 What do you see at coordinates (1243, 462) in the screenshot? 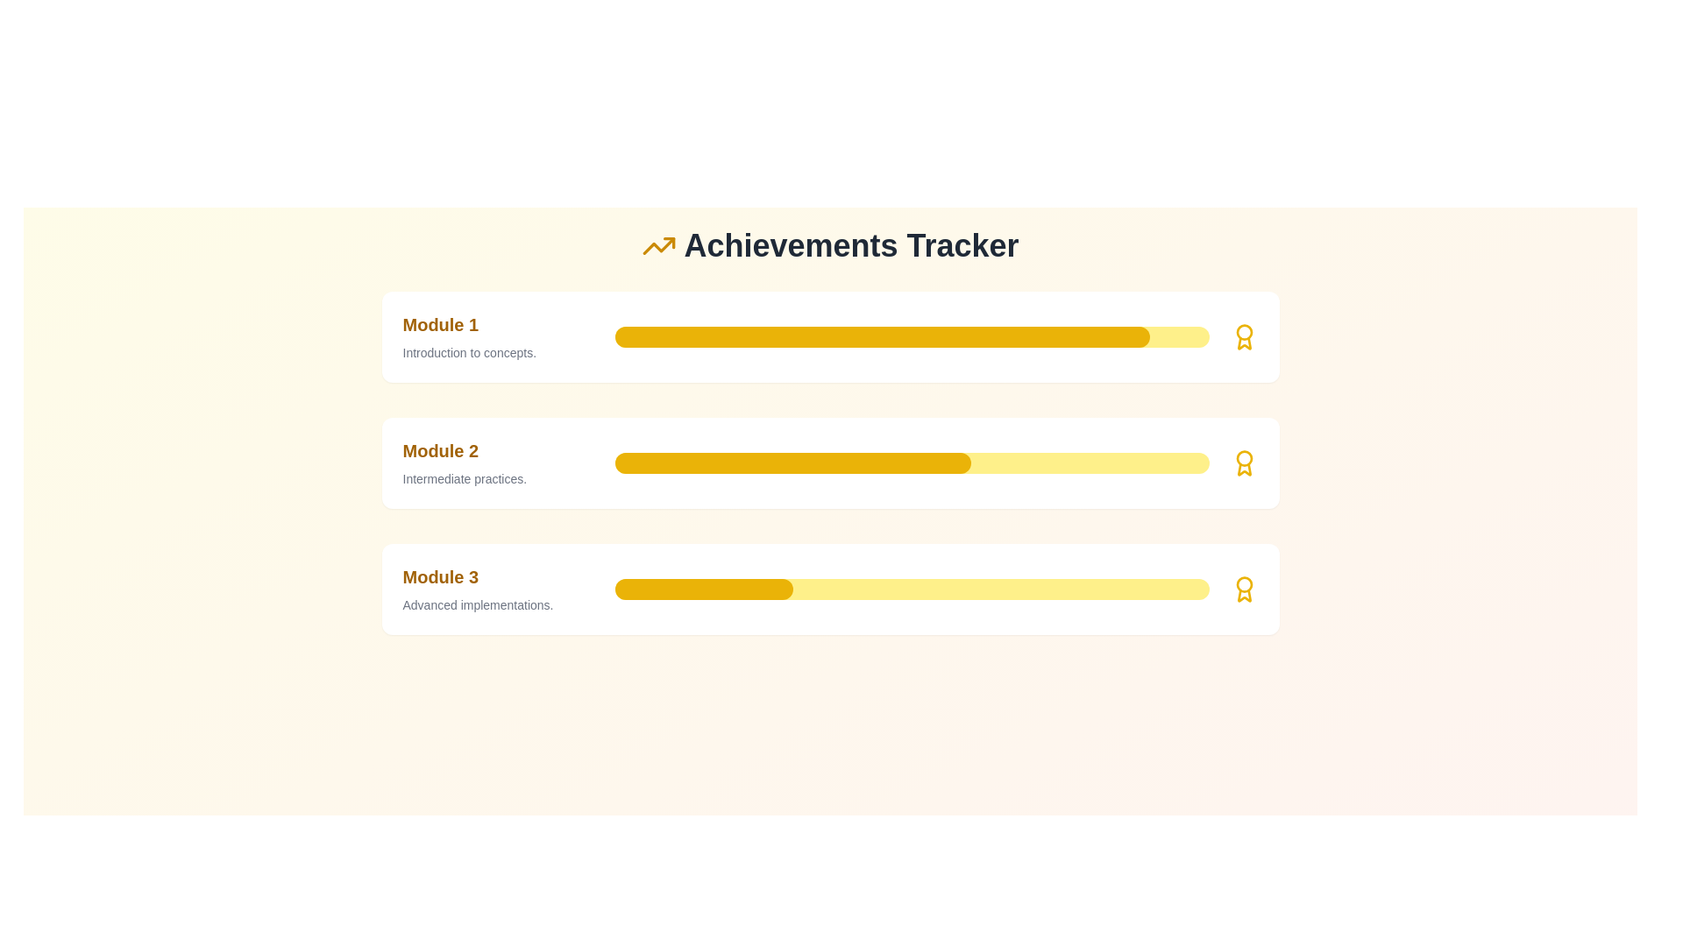
I see `the achievement badge icon located at the rightmost position of 'Module 2', aligned with the progress bar` at bounding box center [1243, 462].